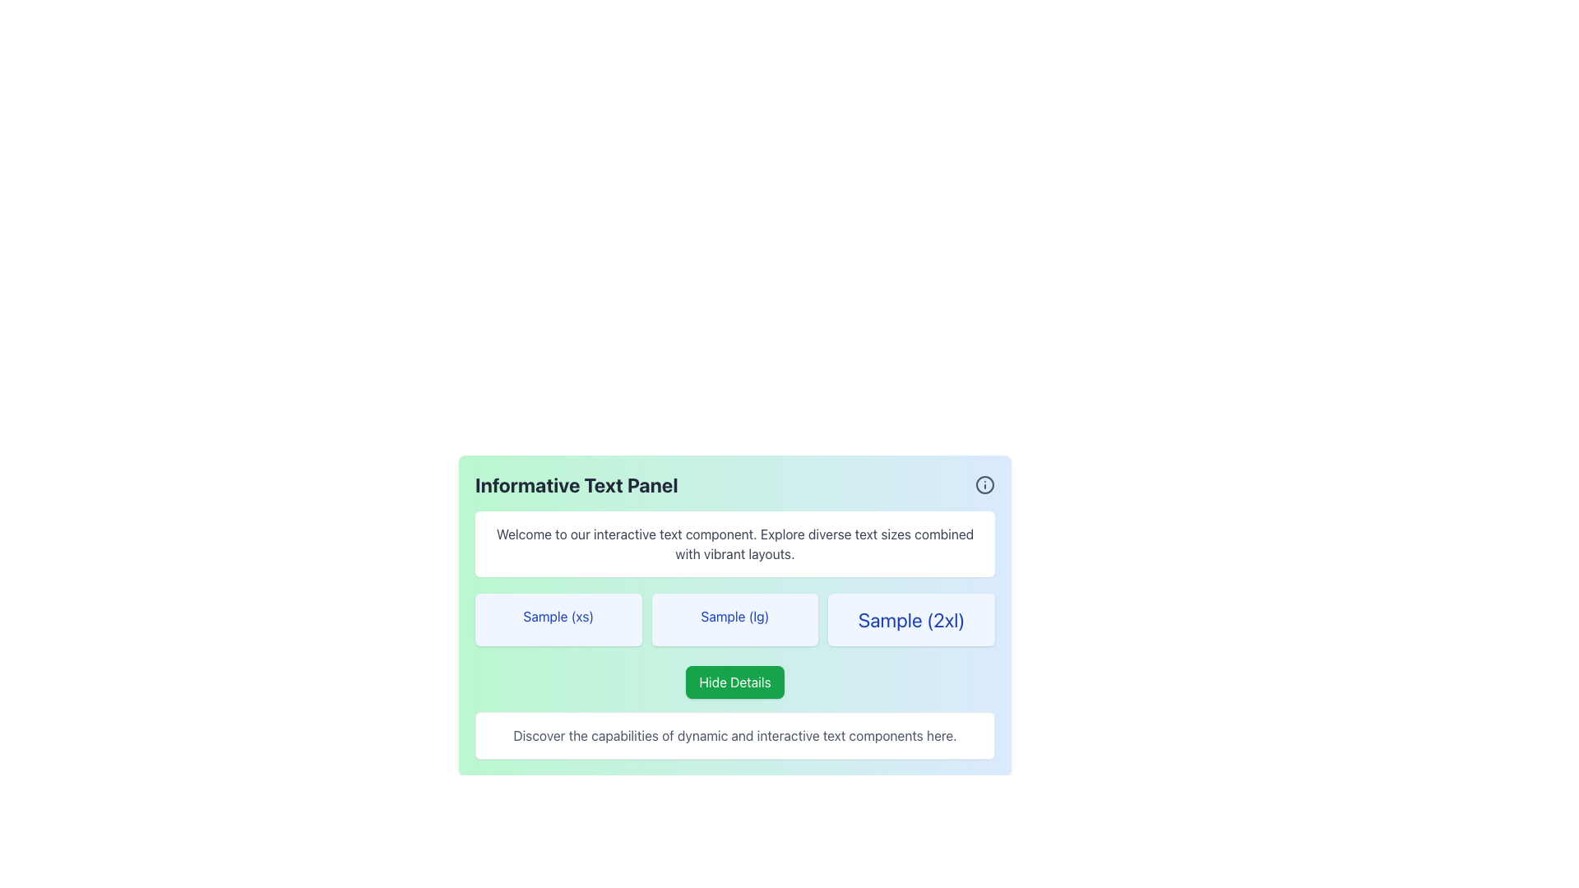  Describe the element at coordinates (558, 619) in the screenshot. I see `the Text Display Component which is the first item in the grid layout of three elements in the 'Informative Text Panel'` at that location.